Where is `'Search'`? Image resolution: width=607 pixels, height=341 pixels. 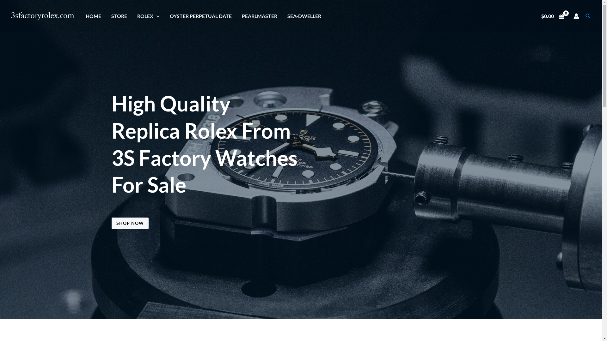 'Search' is located at coordinates (585, 15).